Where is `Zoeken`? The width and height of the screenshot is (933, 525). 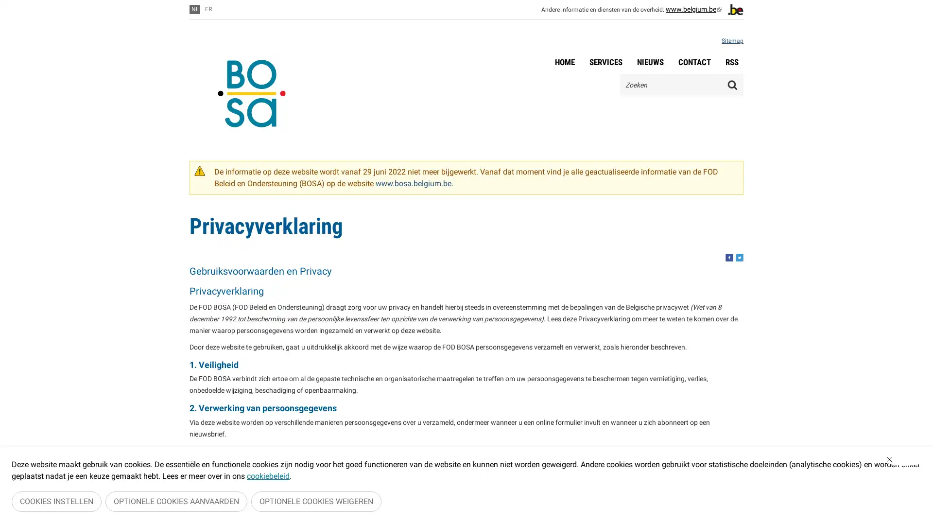
Zoeken is located at coordinates (732, 84).